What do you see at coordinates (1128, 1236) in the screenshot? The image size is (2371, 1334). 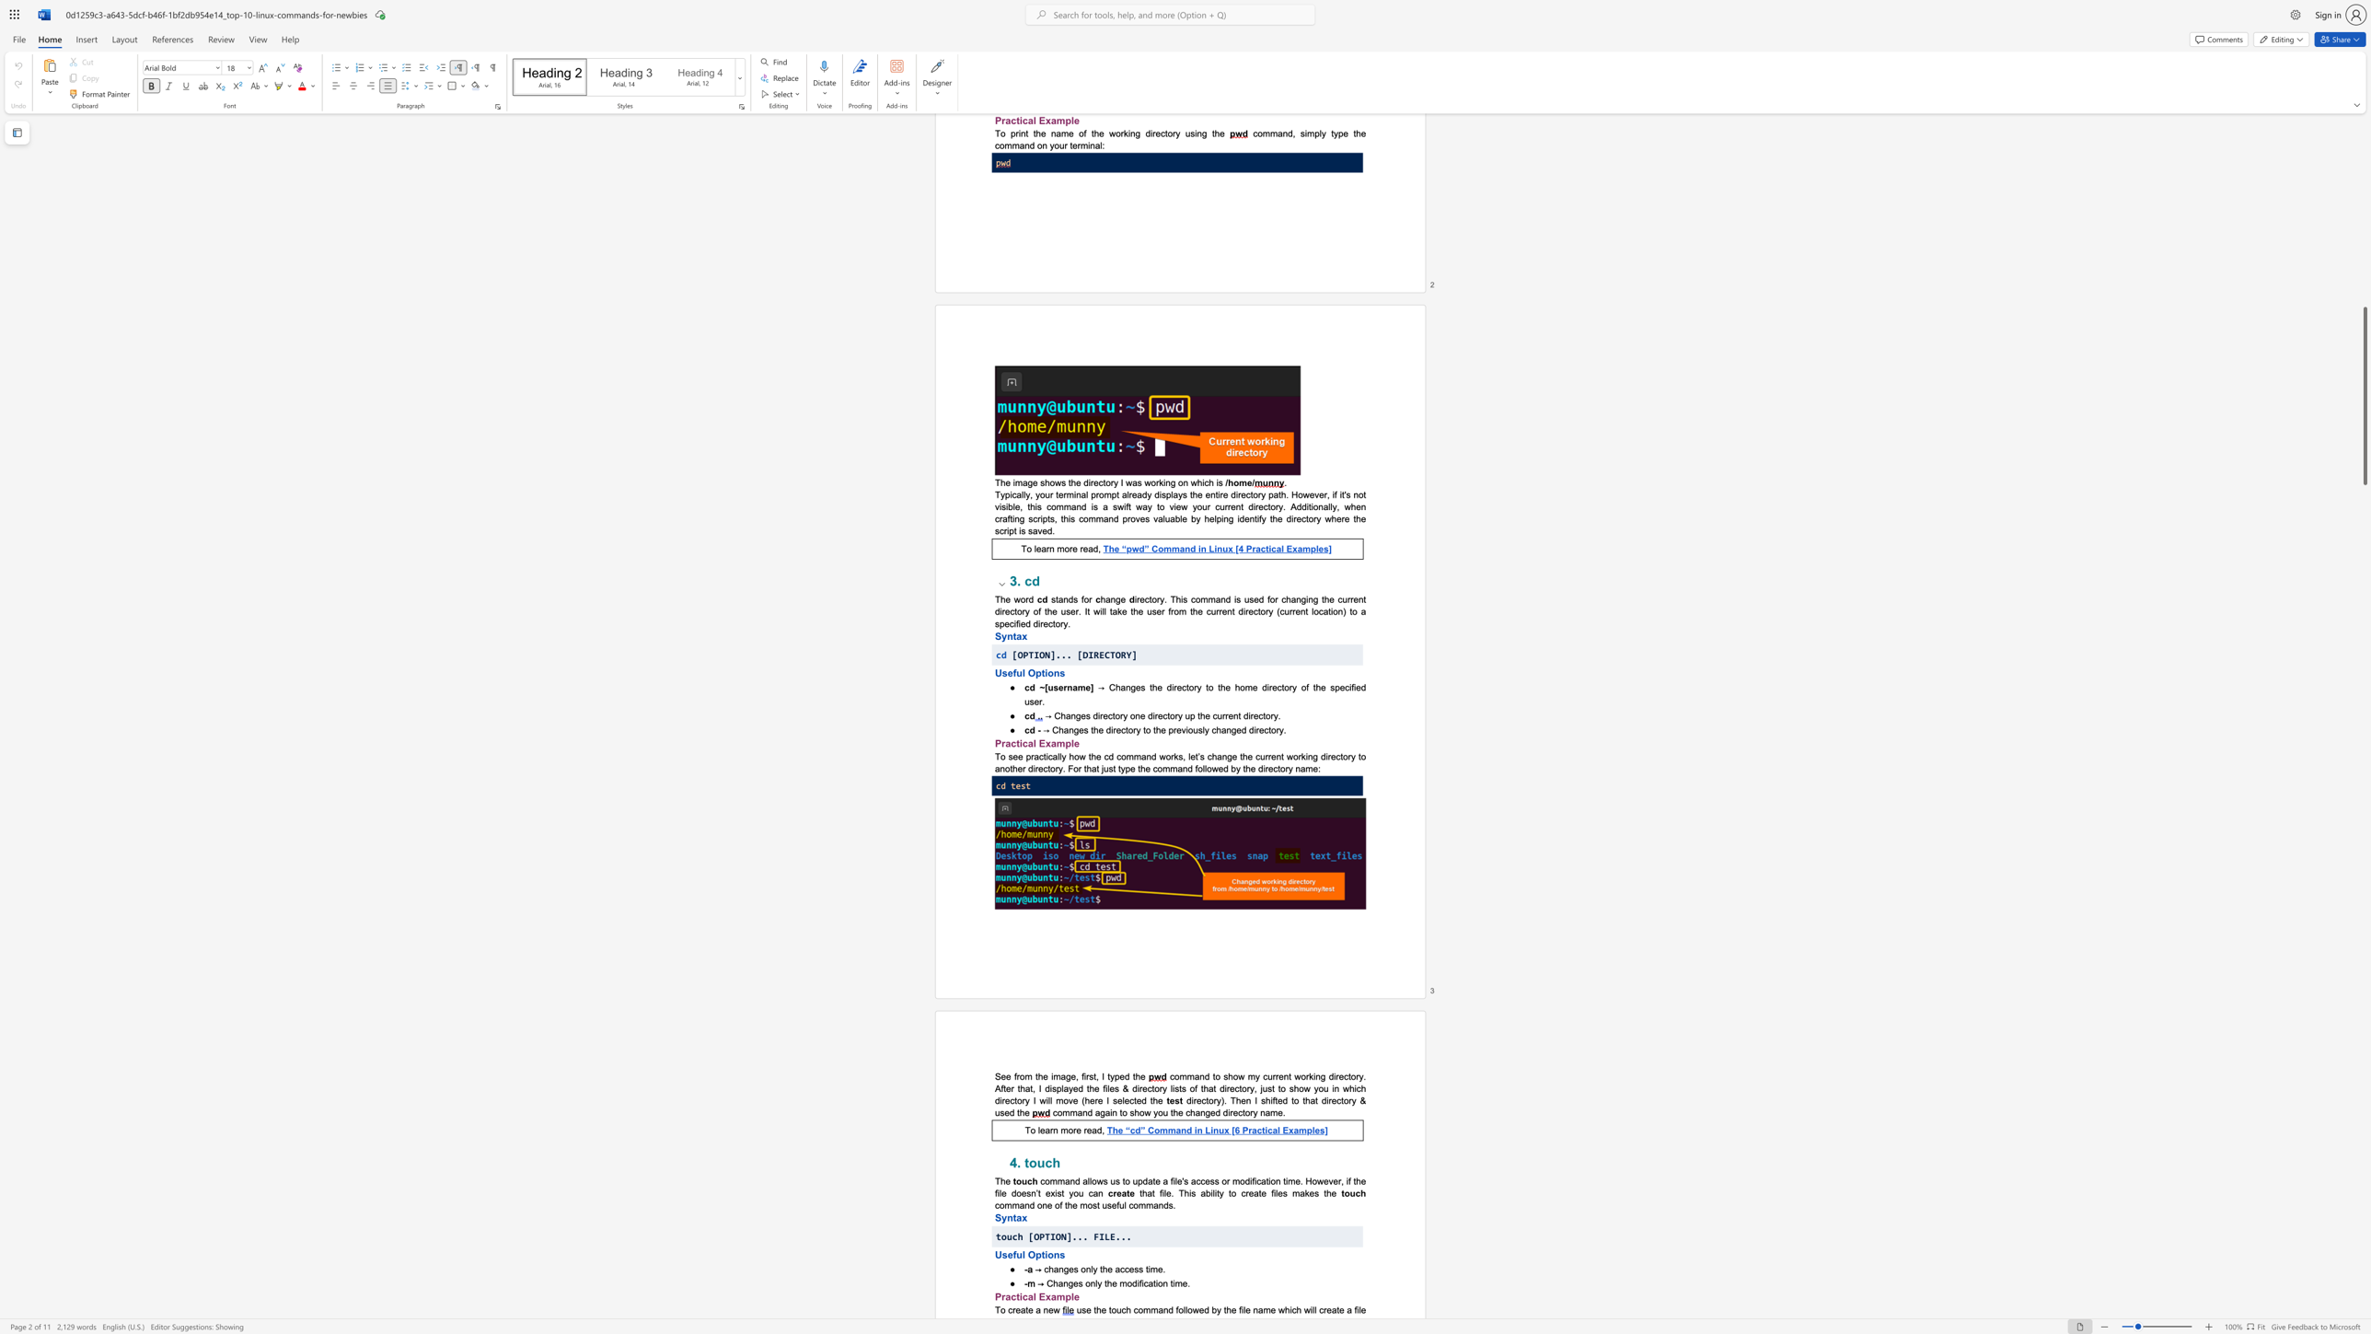 I see `the 6th character "." in the text` at bounding box center [1128, 1236].